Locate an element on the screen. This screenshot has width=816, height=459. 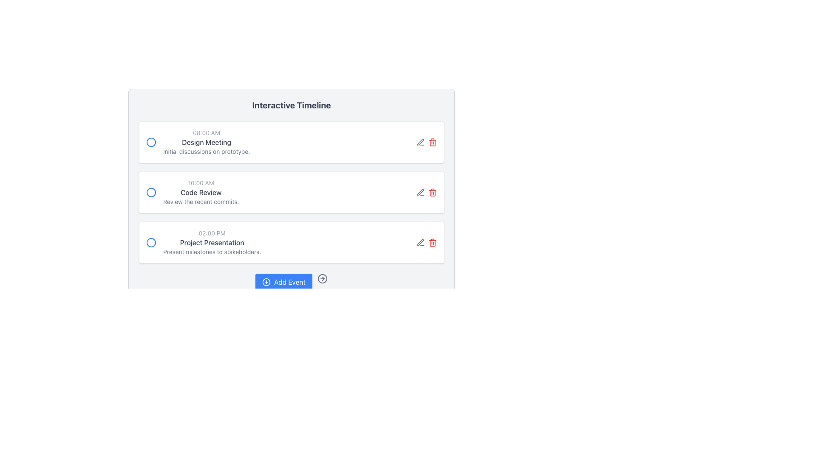
displayed time from the Text label located at the top of the event entry above the title 'Design Meeting' is located at coordinates (207, 133).